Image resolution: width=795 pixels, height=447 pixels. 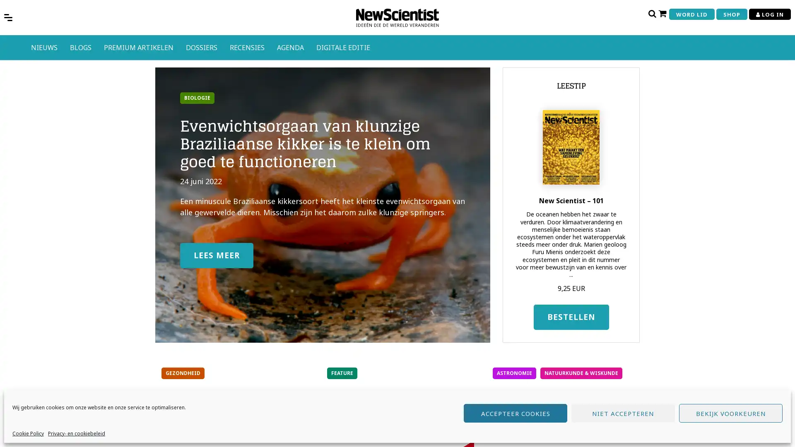 What do you see at coordinates (651, 13) in the screenshot?
I see `Open zoekbalk` at bounding box center [651, 13].